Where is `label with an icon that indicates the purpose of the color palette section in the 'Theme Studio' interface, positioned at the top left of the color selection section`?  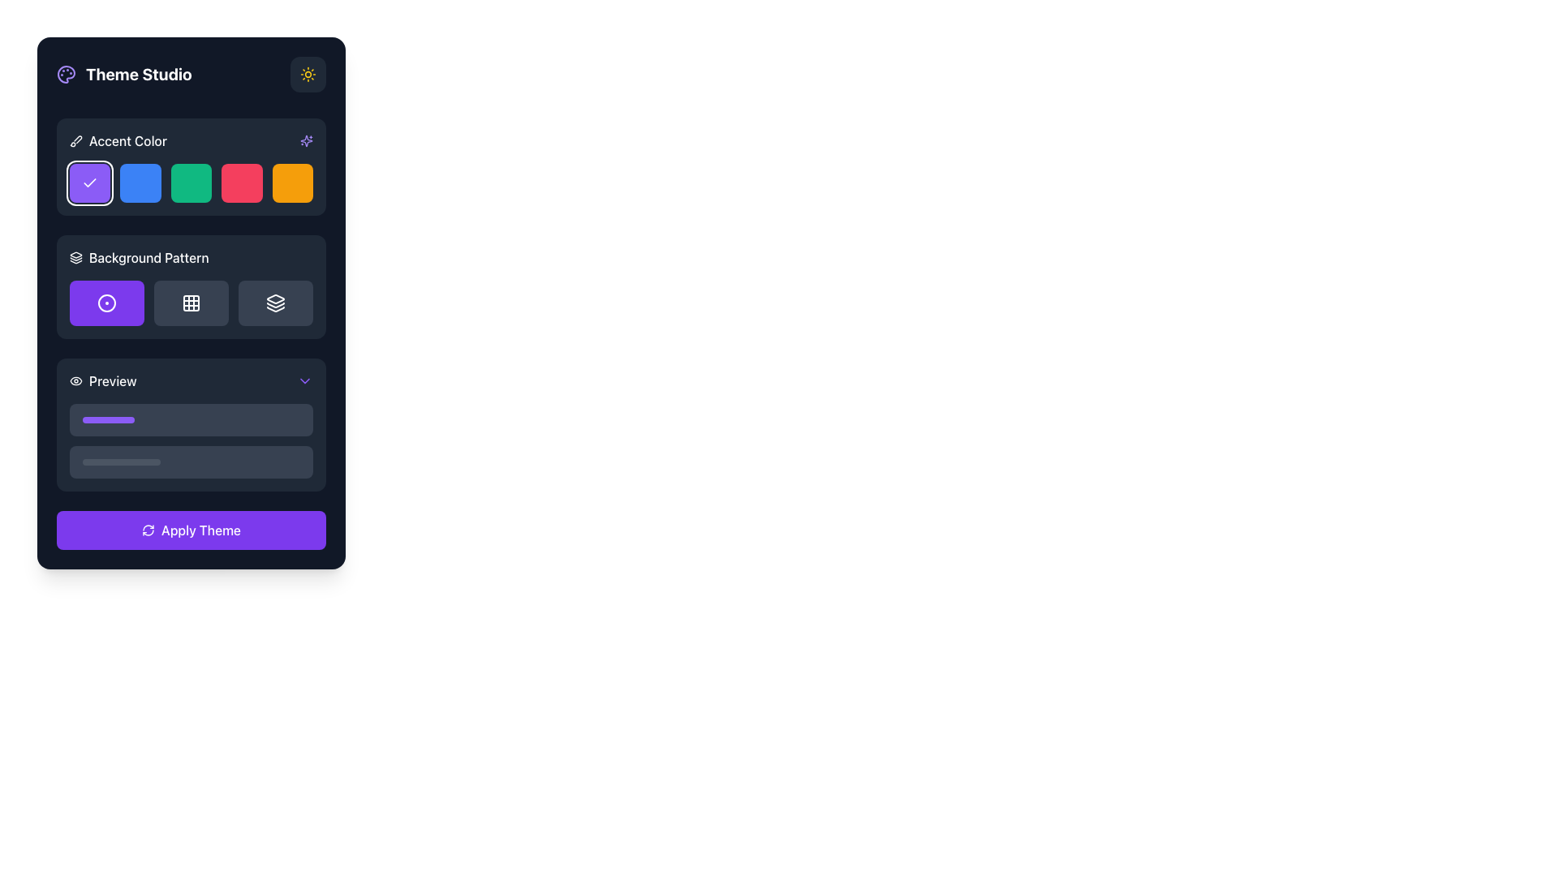 label with an icon that indicates the purpose of the color palette section in the 'Theme Studio' interface, positioned at the top left of the color selection section is located at coordinates (117, 140).